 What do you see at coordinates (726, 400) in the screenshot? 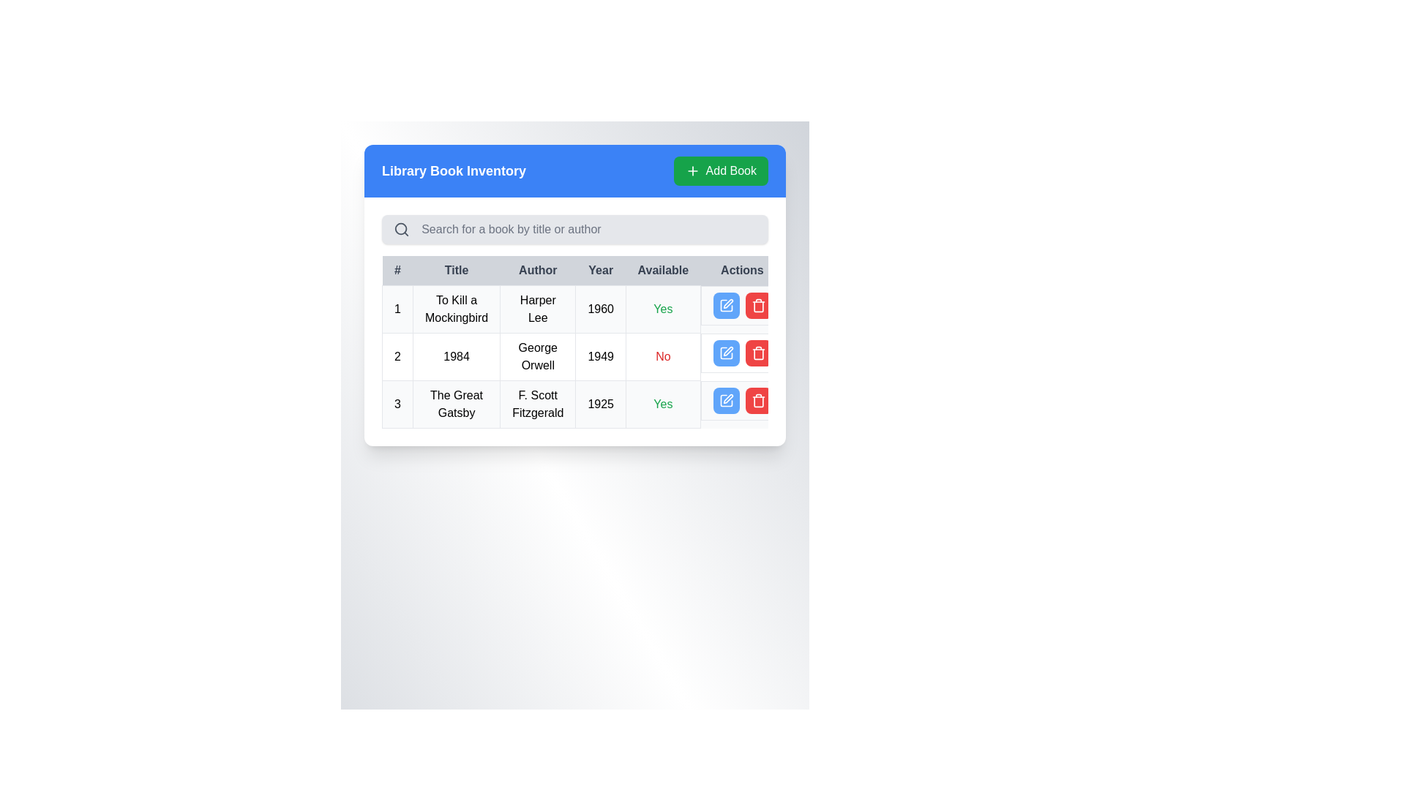
I see `the blue rectangular button with a white pencil icon located in the 'Actions' column of the last row for 'The Great Gatsby'` at bounding box center [726, 400].